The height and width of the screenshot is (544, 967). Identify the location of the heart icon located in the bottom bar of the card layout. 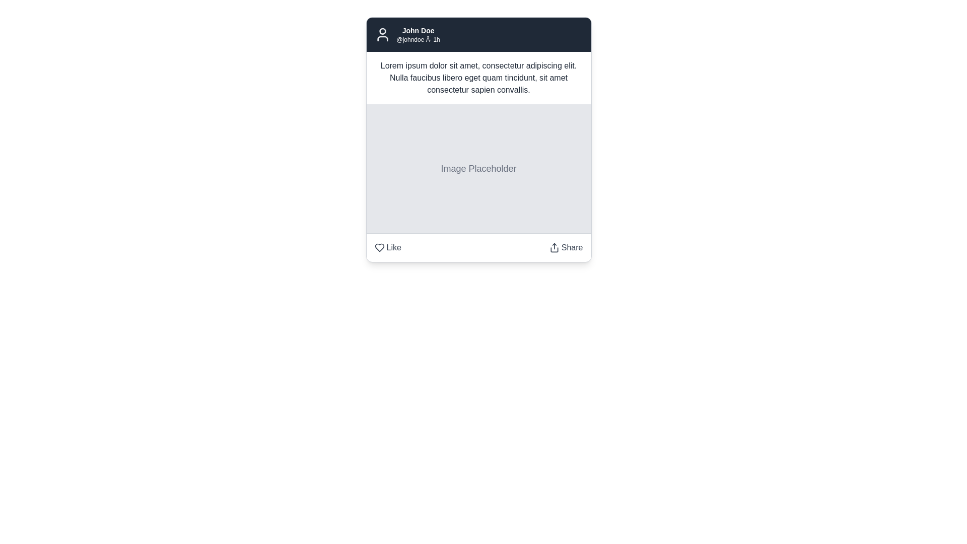
(379, 248).